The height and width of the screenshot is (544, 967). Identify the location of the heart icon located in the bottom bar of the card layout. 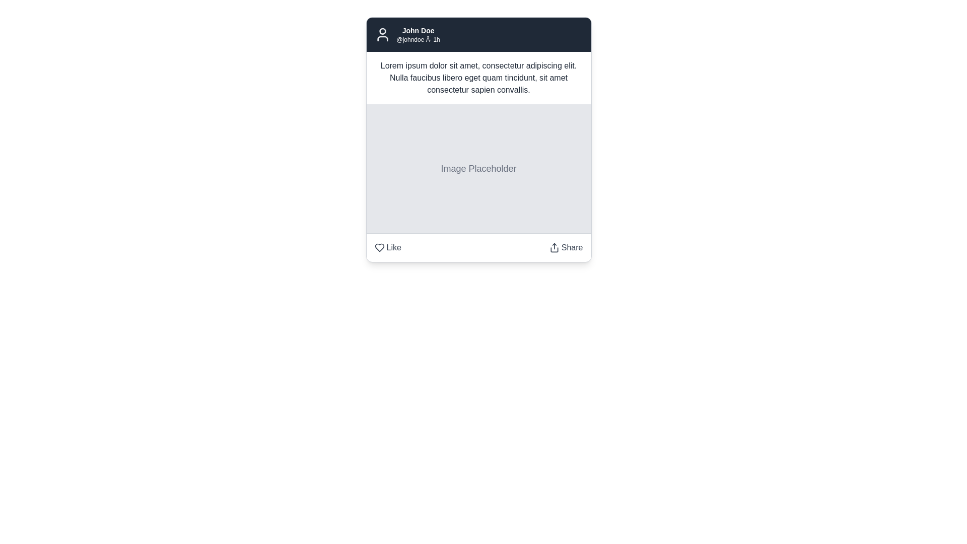
(379, 248).